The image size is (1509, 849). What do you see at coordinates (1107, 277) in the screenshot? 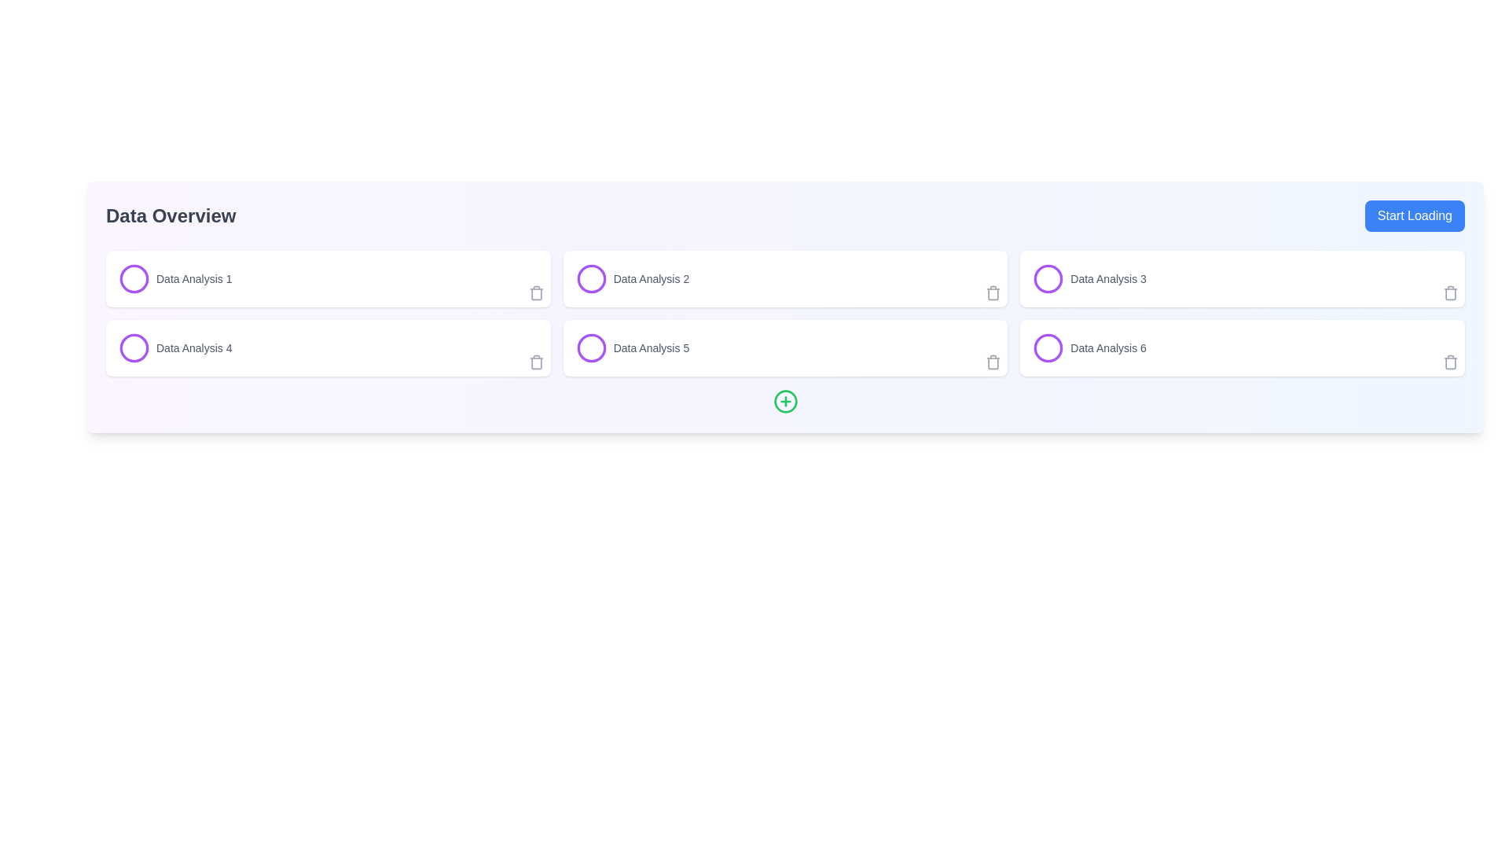
I see `the static text label element reading 'Data Analysis 3', which is positioned in the top-right quadrant and aligned with a purple circular icon on the left and a trash can icon on the right` at bounding box center [1107, 277].